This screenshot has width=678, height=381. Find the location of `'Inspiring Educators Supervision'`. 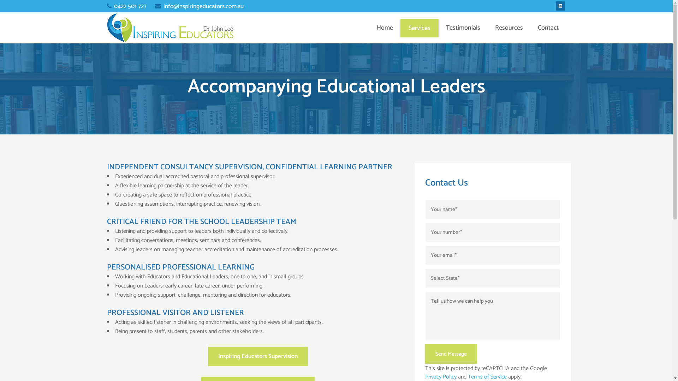

'Inspiring Educators Supervision' is located at coordinates (257, 356).